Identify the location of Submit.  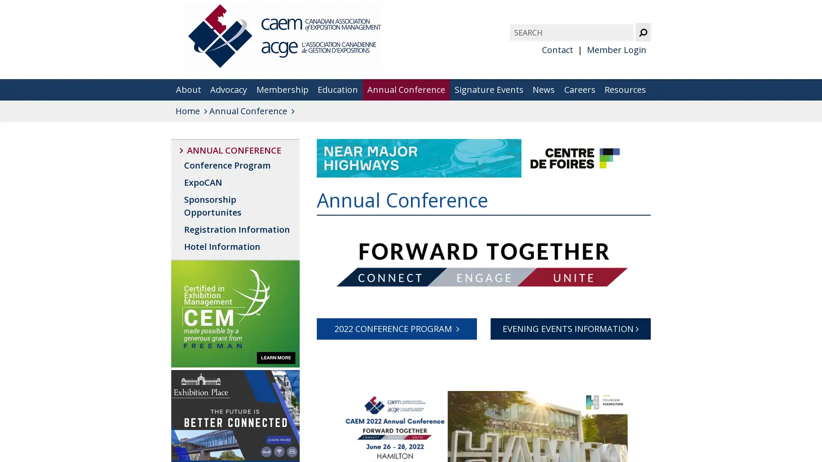
(643, 31).